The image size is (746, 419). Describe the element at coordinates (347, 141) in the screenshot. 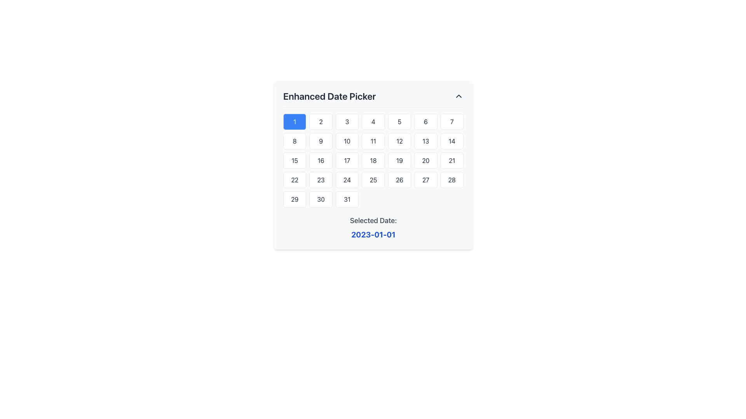

I see `the button representing the day '10' in the calendar date picker` at that location.